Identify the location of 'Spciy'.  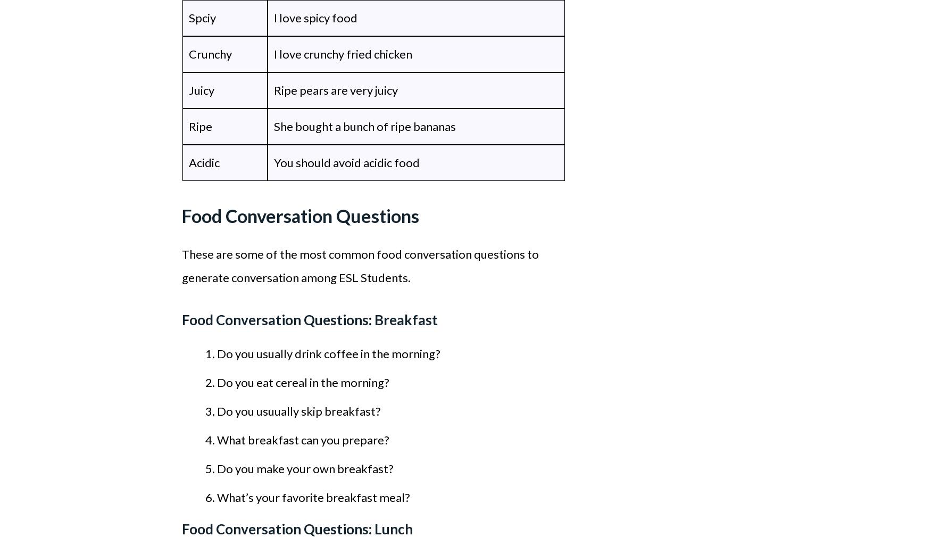
(202, 17).